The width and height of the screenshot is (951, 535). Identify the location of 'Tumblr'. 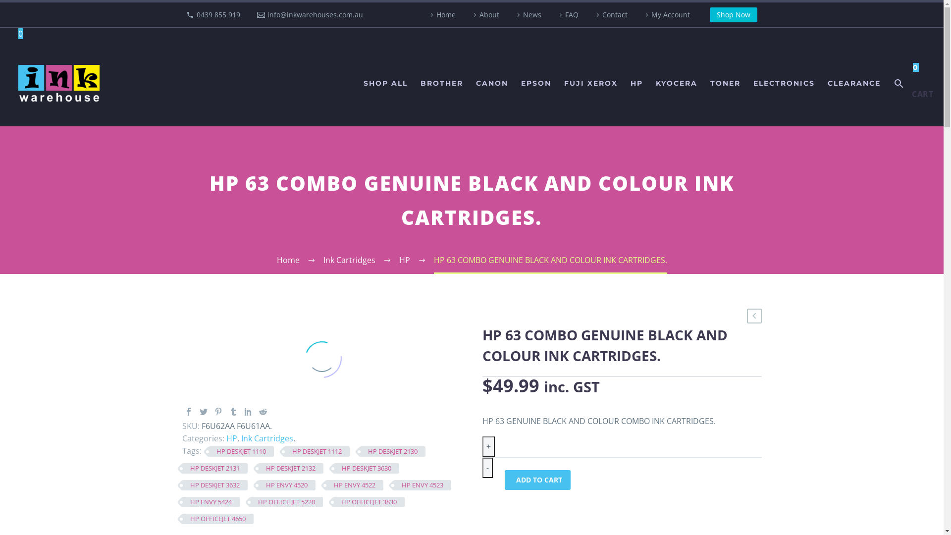
(232, 411).